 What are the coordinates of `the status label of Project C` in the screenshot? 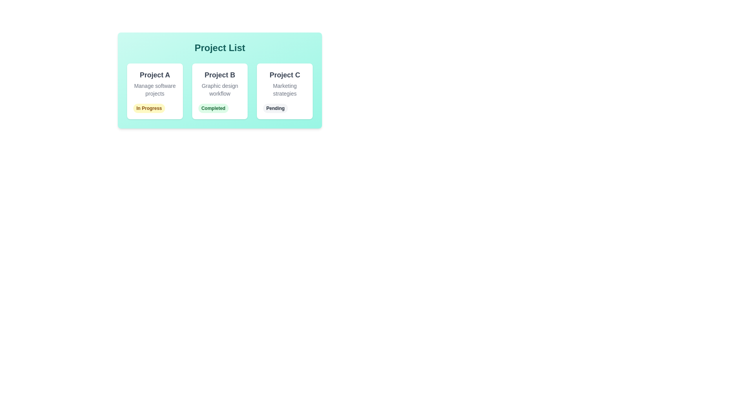 It's located at (275, 108).